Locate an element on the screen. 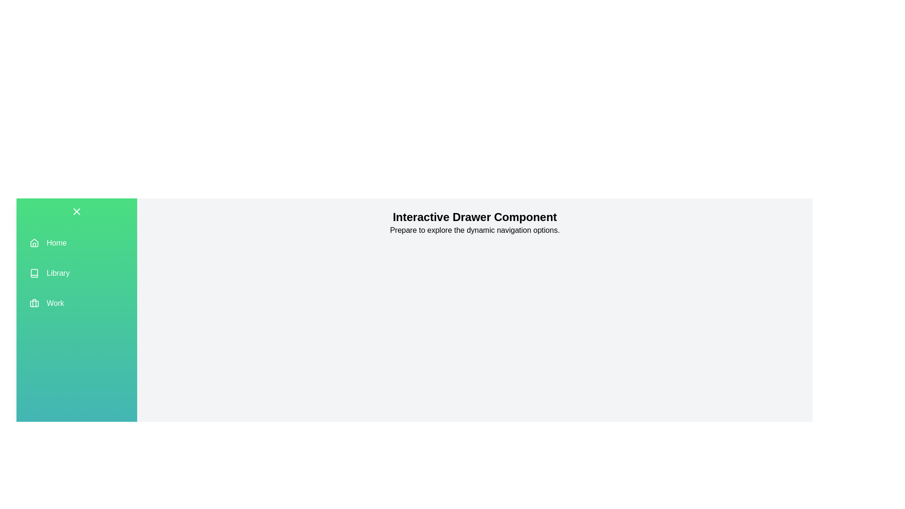  the menu item Library to observe its hover effect is located at coordinates (77, 273).